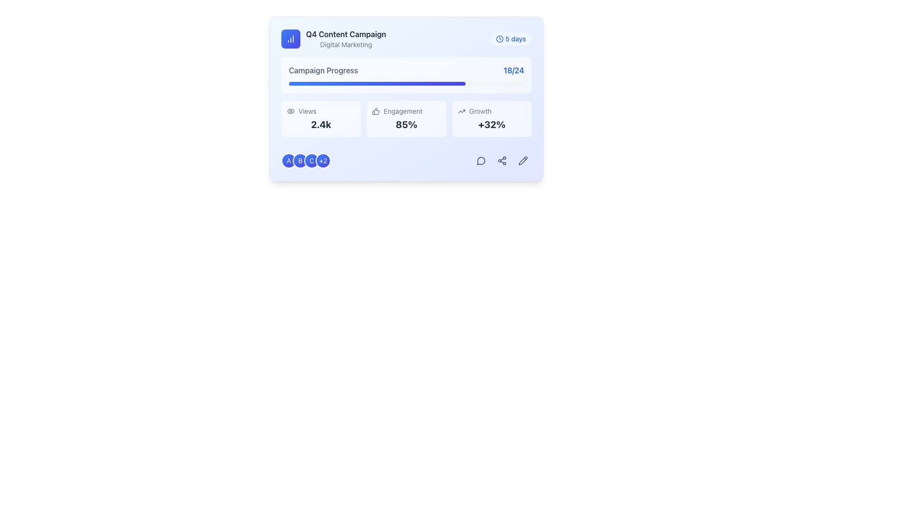 The height and width of the screenshot is (514, 914). Describe the element at coordinates (346, 44) in the screenshot. I see `the static text label that provides a contextual tag for the main title 'Q4 Content Campaign', located directly below it and aligned left` at that location.